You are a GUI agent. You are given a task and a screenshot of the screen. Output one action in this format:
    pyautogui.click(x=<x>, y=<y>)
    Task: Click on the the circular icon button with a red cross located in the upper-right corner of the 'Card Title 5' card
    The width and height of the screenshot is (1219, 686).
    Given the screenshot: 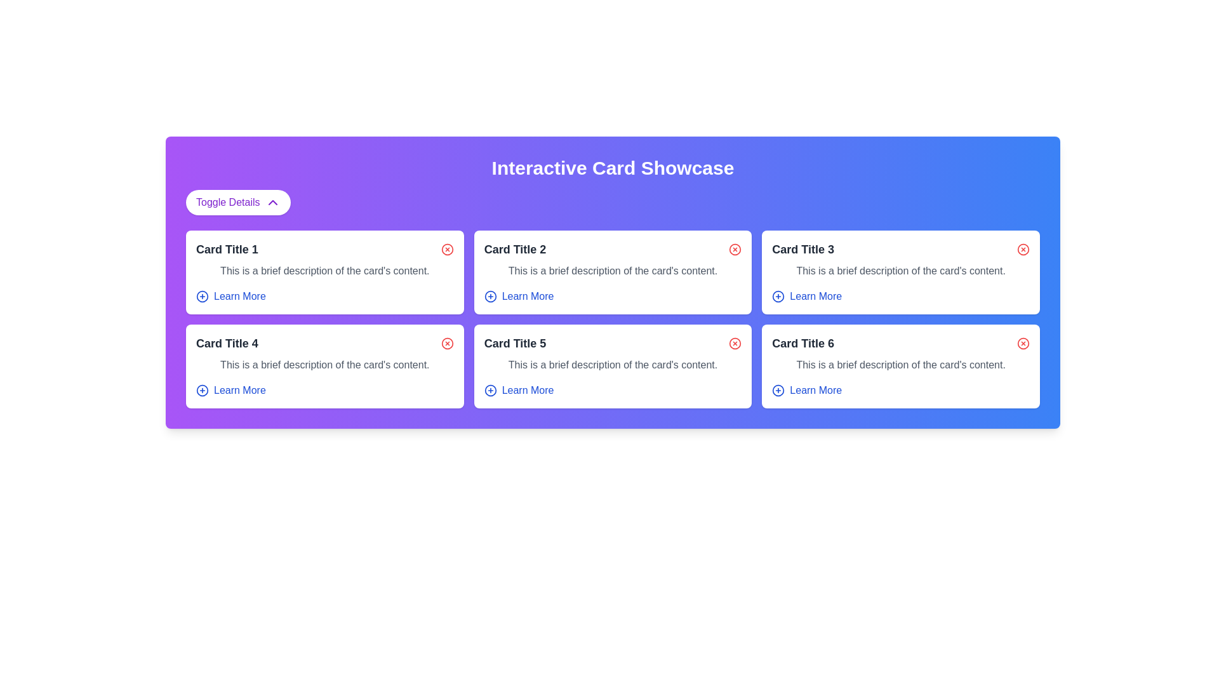 What is the action you would take?
    pyautogui.click(x=735, y=343)
    